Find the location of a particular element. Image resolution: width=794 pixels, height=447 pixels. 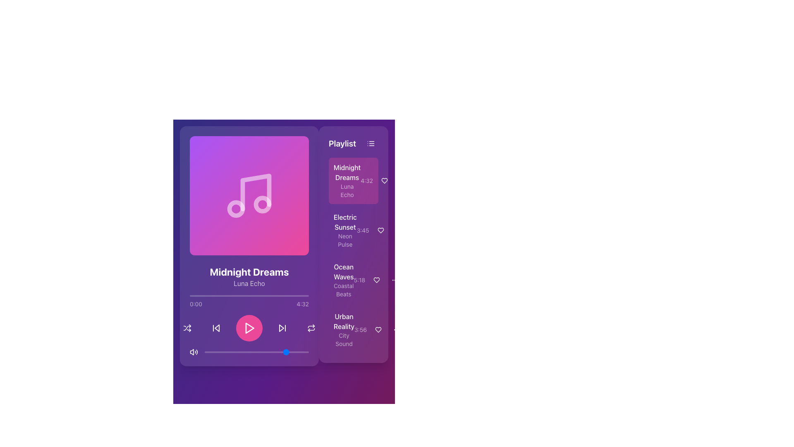

the circular button with a heart icon, located to the right of the text '3:56' is located at coordinates (378, 329).